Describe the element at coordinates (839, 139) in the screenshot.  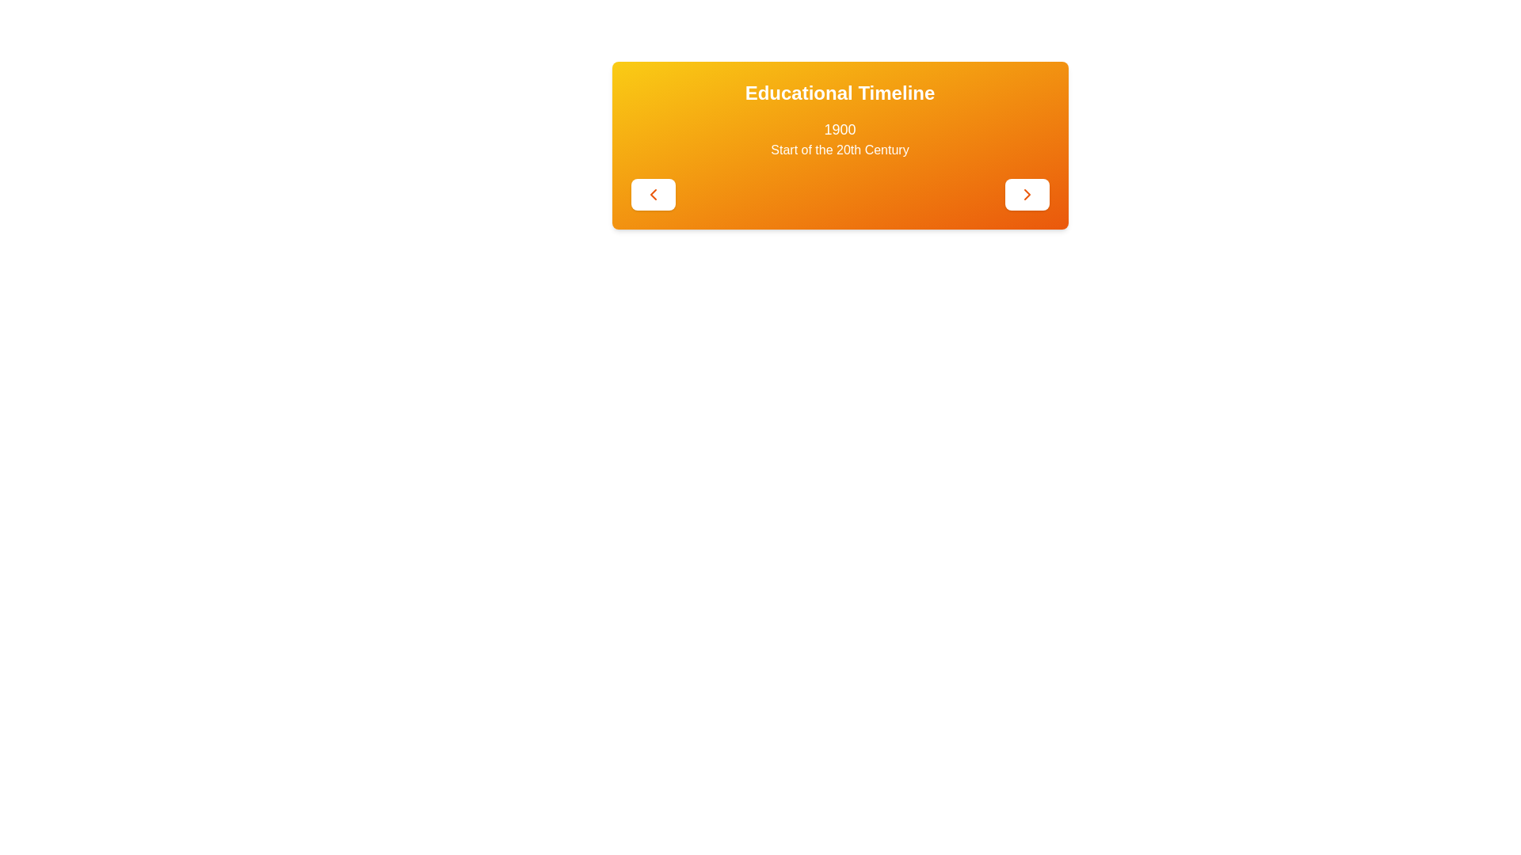
I see `the text label that serves as a heading or descriptor for a specific time period or event in the timeline, located within the center of the orange gradient box` at that location.